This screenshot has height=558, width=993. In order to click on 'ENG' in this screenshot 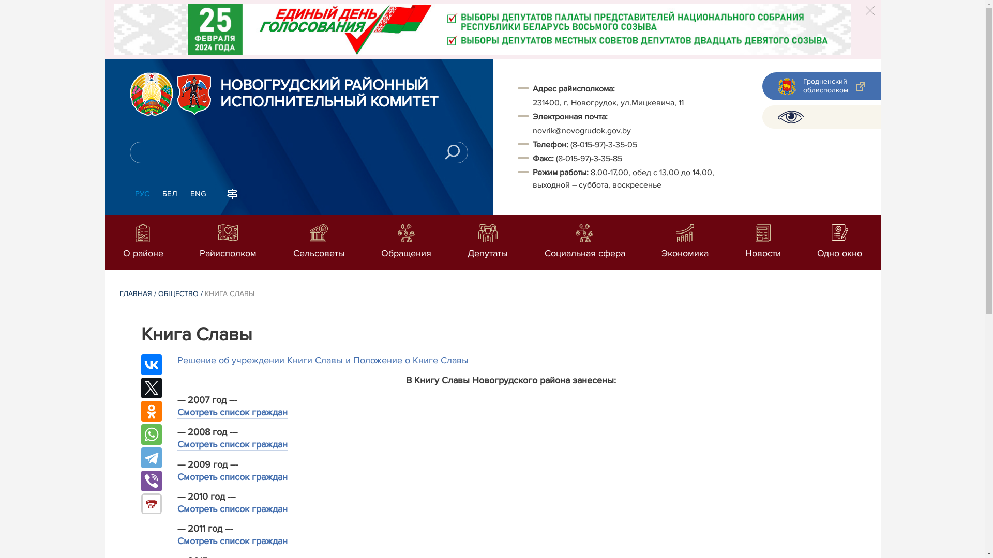, I will do `click(185, 194)`.